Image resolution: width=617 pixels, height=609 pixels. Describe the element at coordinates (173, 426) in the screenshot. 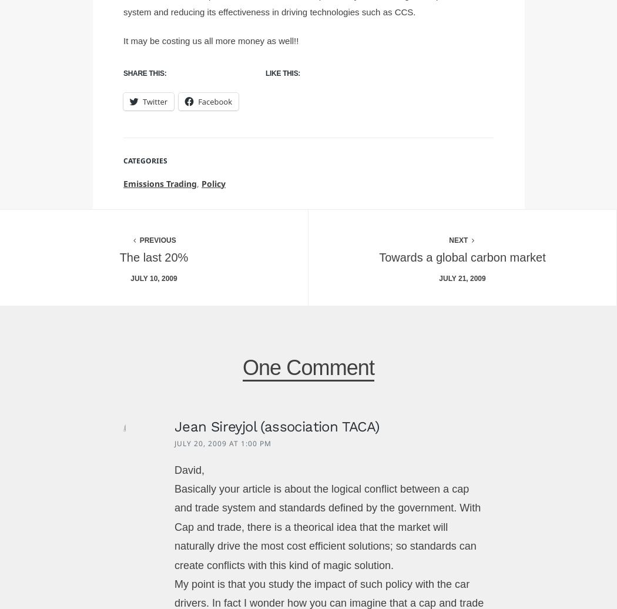

I see `'Jean Sireyjol (association TACA)'` at that location.